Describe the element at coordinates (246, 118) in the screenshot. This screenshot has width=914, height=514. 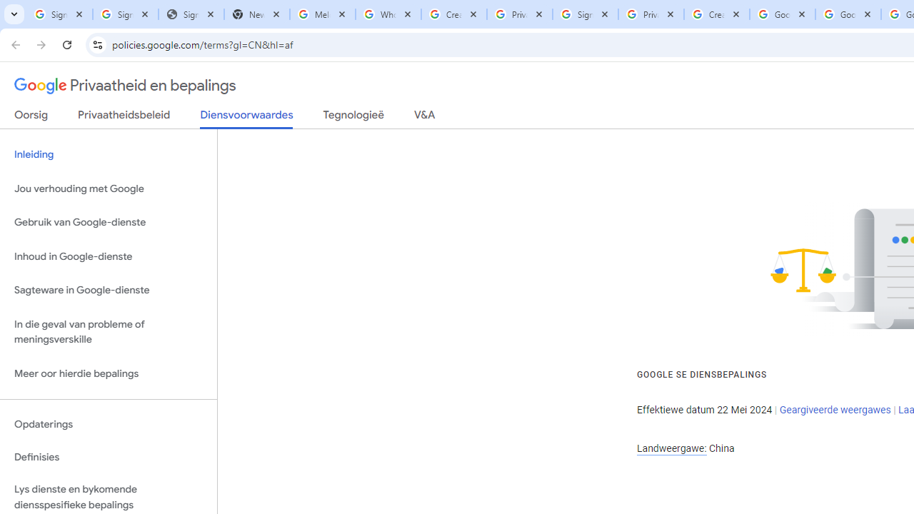
I see `'Diensvoorwaardes'` at that location.